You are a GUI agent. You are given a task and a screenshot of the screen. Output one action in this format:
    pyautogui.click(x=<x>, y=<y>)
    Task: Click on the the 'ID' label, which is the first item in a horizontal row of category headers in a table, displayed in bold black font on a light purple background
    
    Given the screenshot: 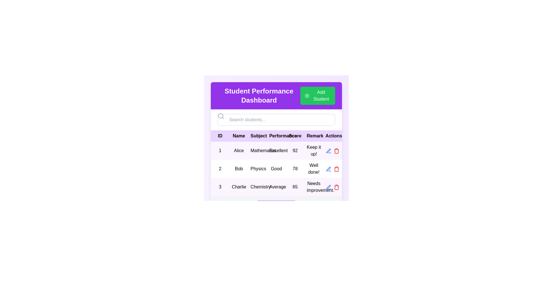 What is the action you would take?
    pyautogui.click(x=220, y=136)
    